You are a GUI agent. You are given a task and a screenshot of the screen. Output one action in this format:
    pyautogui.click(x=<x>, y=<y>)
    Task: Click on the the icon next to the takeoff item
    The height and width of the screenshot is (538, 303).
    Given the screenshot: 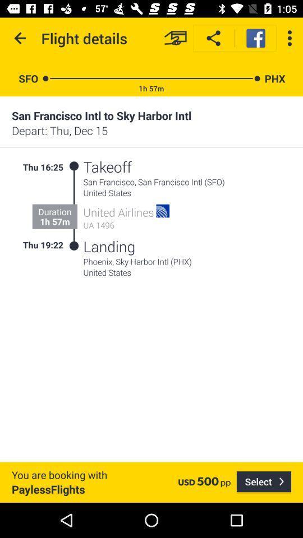 What is the action you would take?
    pyautogui.click(x=74, y=165)
    